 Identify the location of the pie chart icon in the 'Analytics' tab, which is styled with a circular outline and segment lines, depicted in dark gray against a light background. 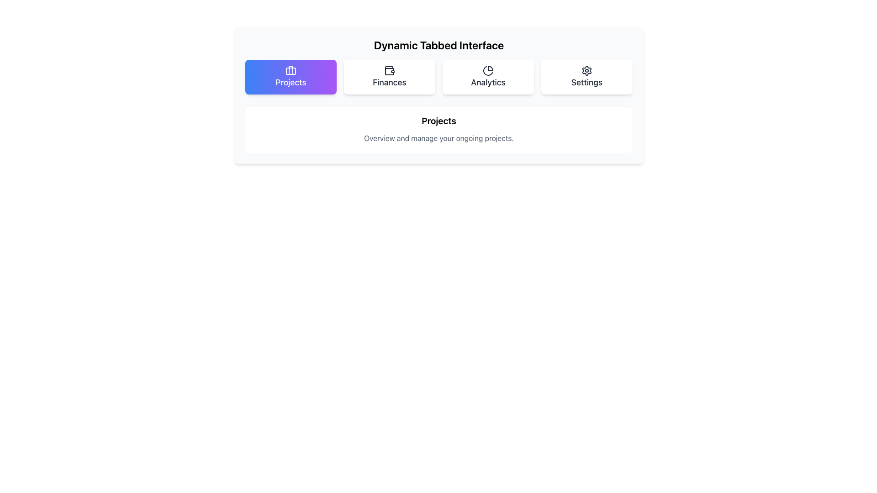
(488, 70).